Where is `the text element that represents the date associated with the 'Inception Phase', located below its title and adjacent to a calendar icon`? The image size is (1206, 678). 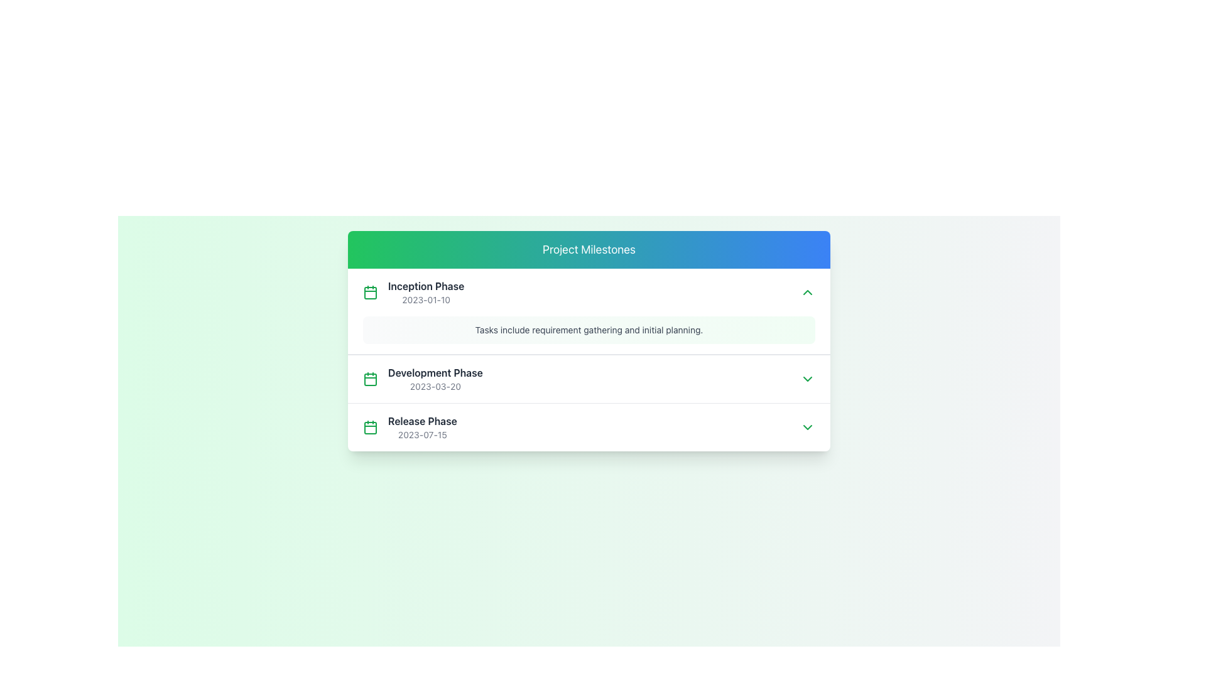 the text element that represents the date associated with the 'Inception Phase', located below its title and adjacent to a calendar icon is located at coordinates (426, 300).